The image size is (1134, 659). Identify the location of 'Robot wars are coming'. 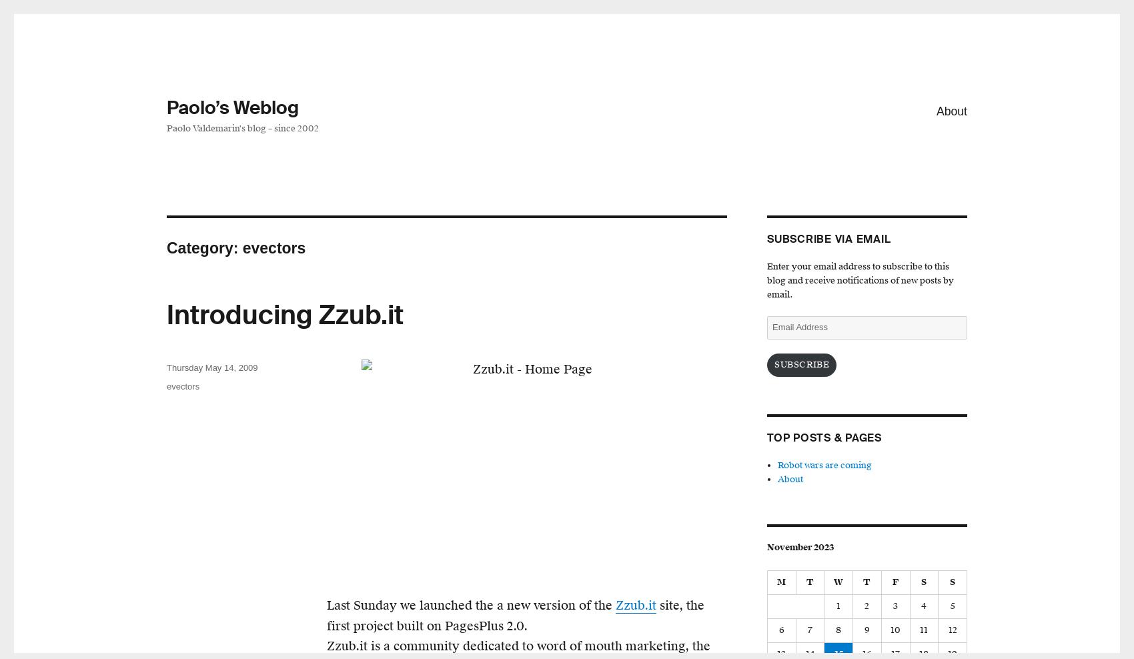
(824, 466).